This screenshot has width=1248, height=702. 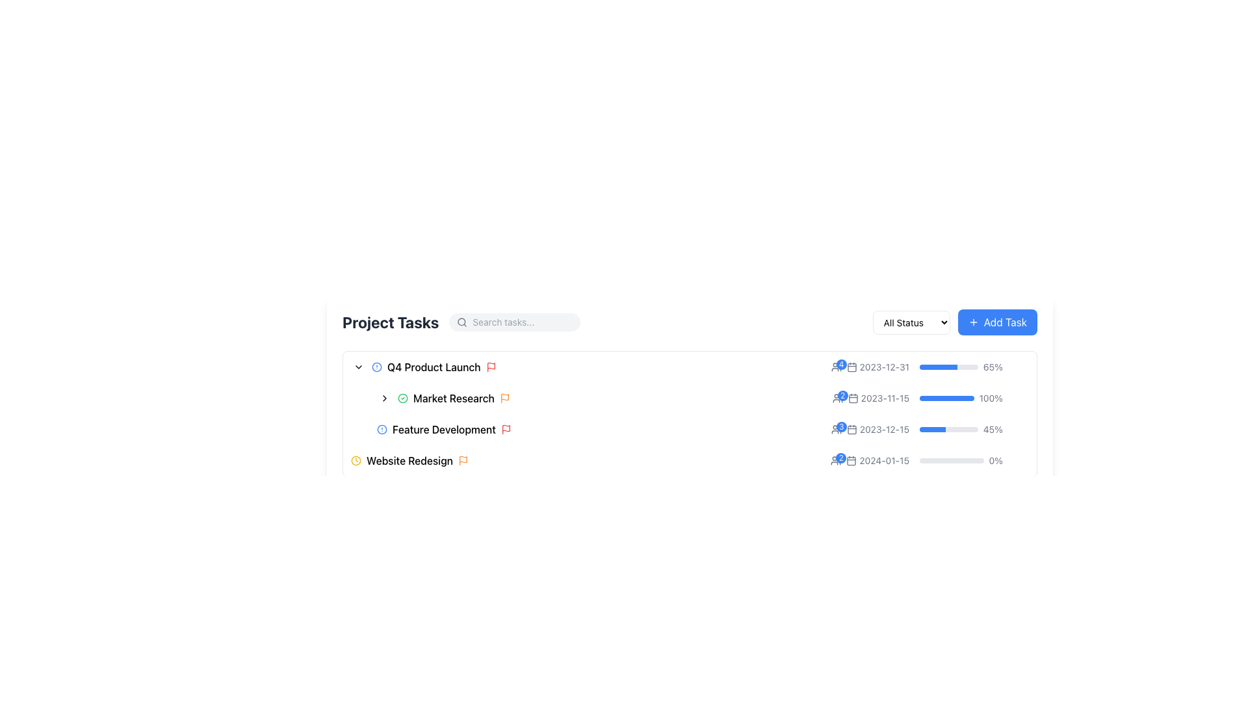 What do you see at coordinates (853, 398) in the screenshot?
I see `the calendar-specific icon, which is a rounded rectangle shape located within the calendar SVG icon, positioned to the right of task items` at bounding box center [853, 398].